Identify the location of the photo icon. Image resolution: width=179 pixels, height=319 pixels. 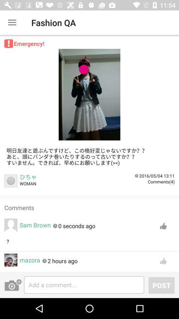
(13, 284).